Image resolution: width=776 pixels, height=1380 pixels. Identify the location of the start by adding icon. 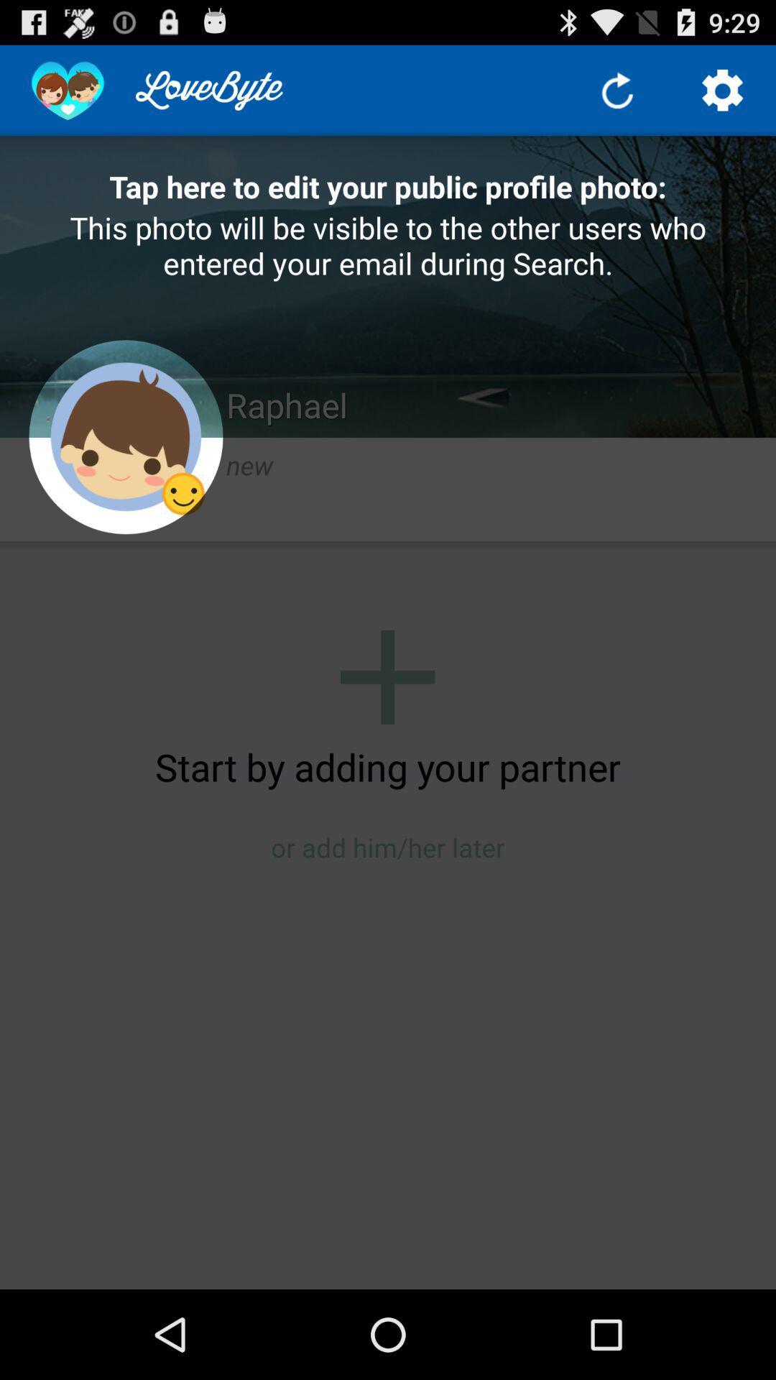
(388, 765).